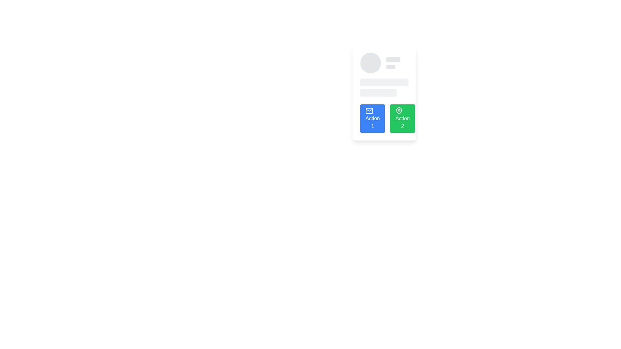  Describe the element at coordinates (399, 111) in the screenshot. I see `SVG graphic icon of a map pin located within the 'Action 2' button at the bottom right of the card layout to view its properties` at that location.